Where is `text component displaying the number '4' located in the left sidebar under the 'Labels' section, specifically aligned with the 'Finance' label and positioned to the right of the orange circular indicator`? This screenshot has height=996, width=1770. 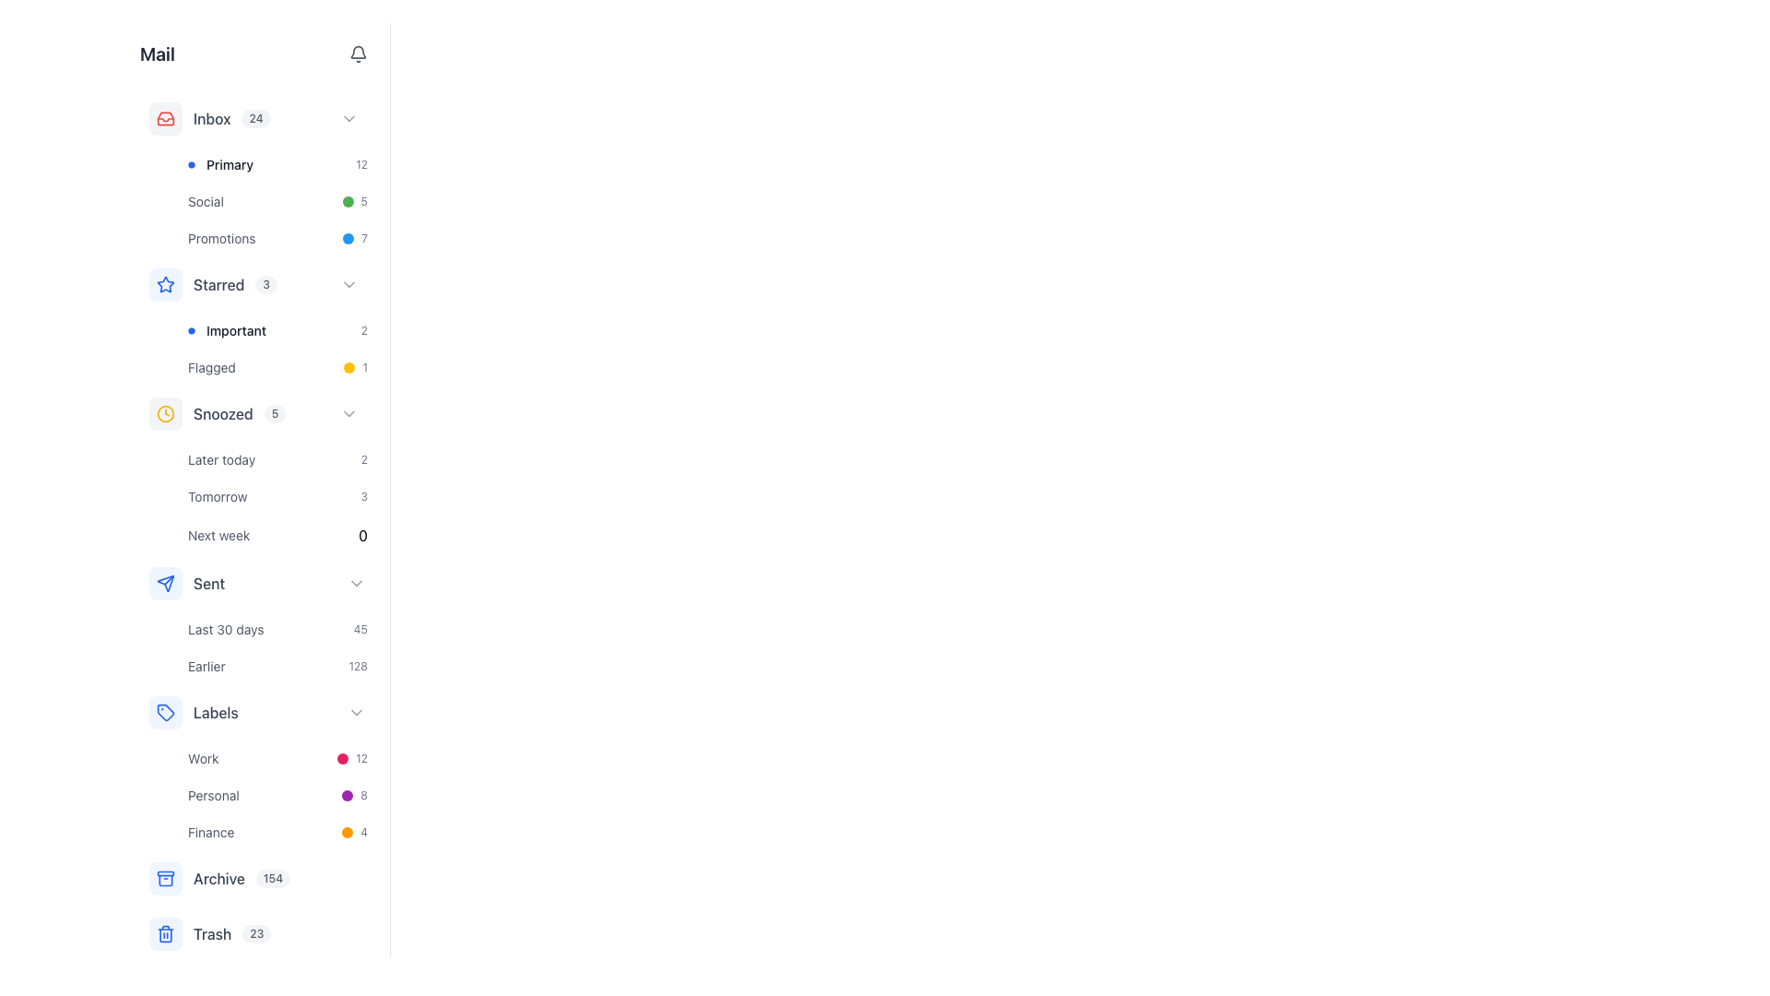 text component displaying the number '4' located in the left sidebar under the 'Labels' section, specifically aligned with the 'Finance' label and positioned to the right of the orange circular indicator is located at coordinates (364, 832).